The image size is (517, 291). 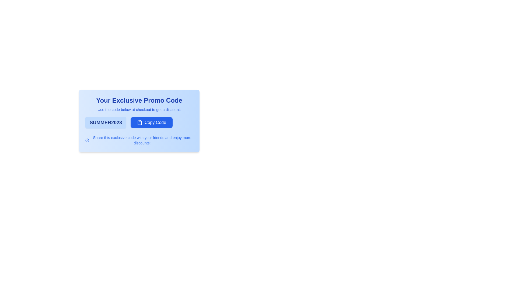 What do you see at coordinates (139, 123) in the screenshot?
I see `the 'Copy Promo Code' button located to the right of the 'SUMMER2023' banner within the blue promo card titled 'Your Exclusive Promo Code'` at bounding box center [139, 123].